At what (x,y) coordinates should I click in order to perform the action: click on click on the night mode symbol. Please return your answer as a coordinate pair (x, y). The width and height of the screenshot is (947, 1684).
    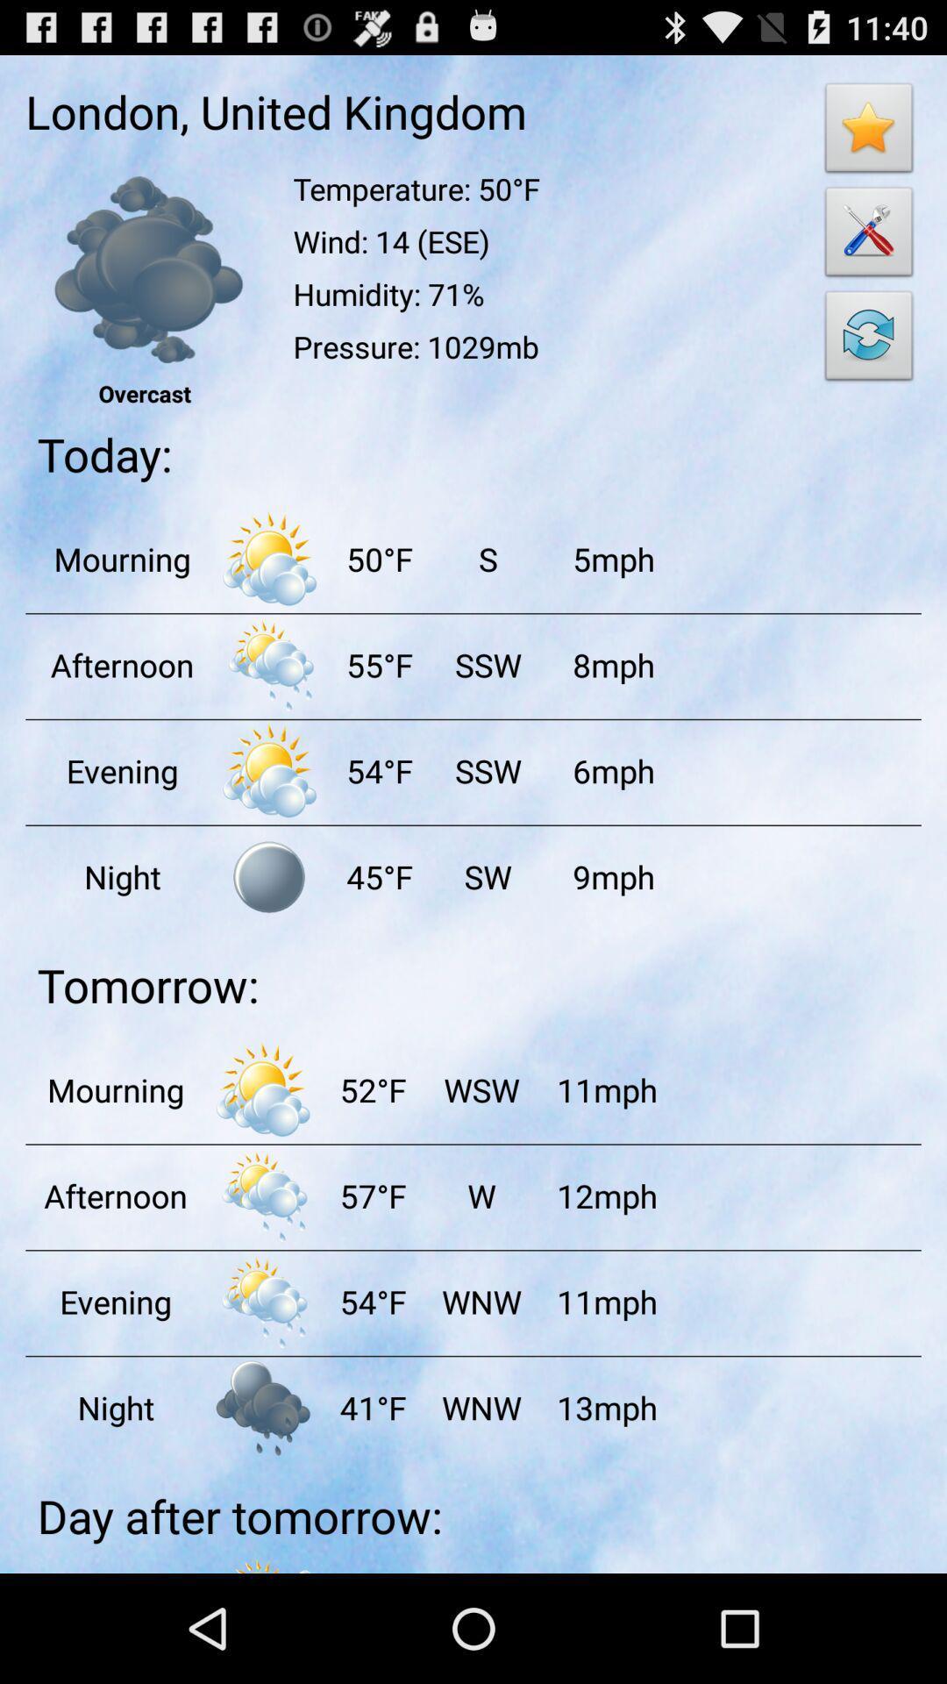
    Looking at the image, I should click on (269, 876).